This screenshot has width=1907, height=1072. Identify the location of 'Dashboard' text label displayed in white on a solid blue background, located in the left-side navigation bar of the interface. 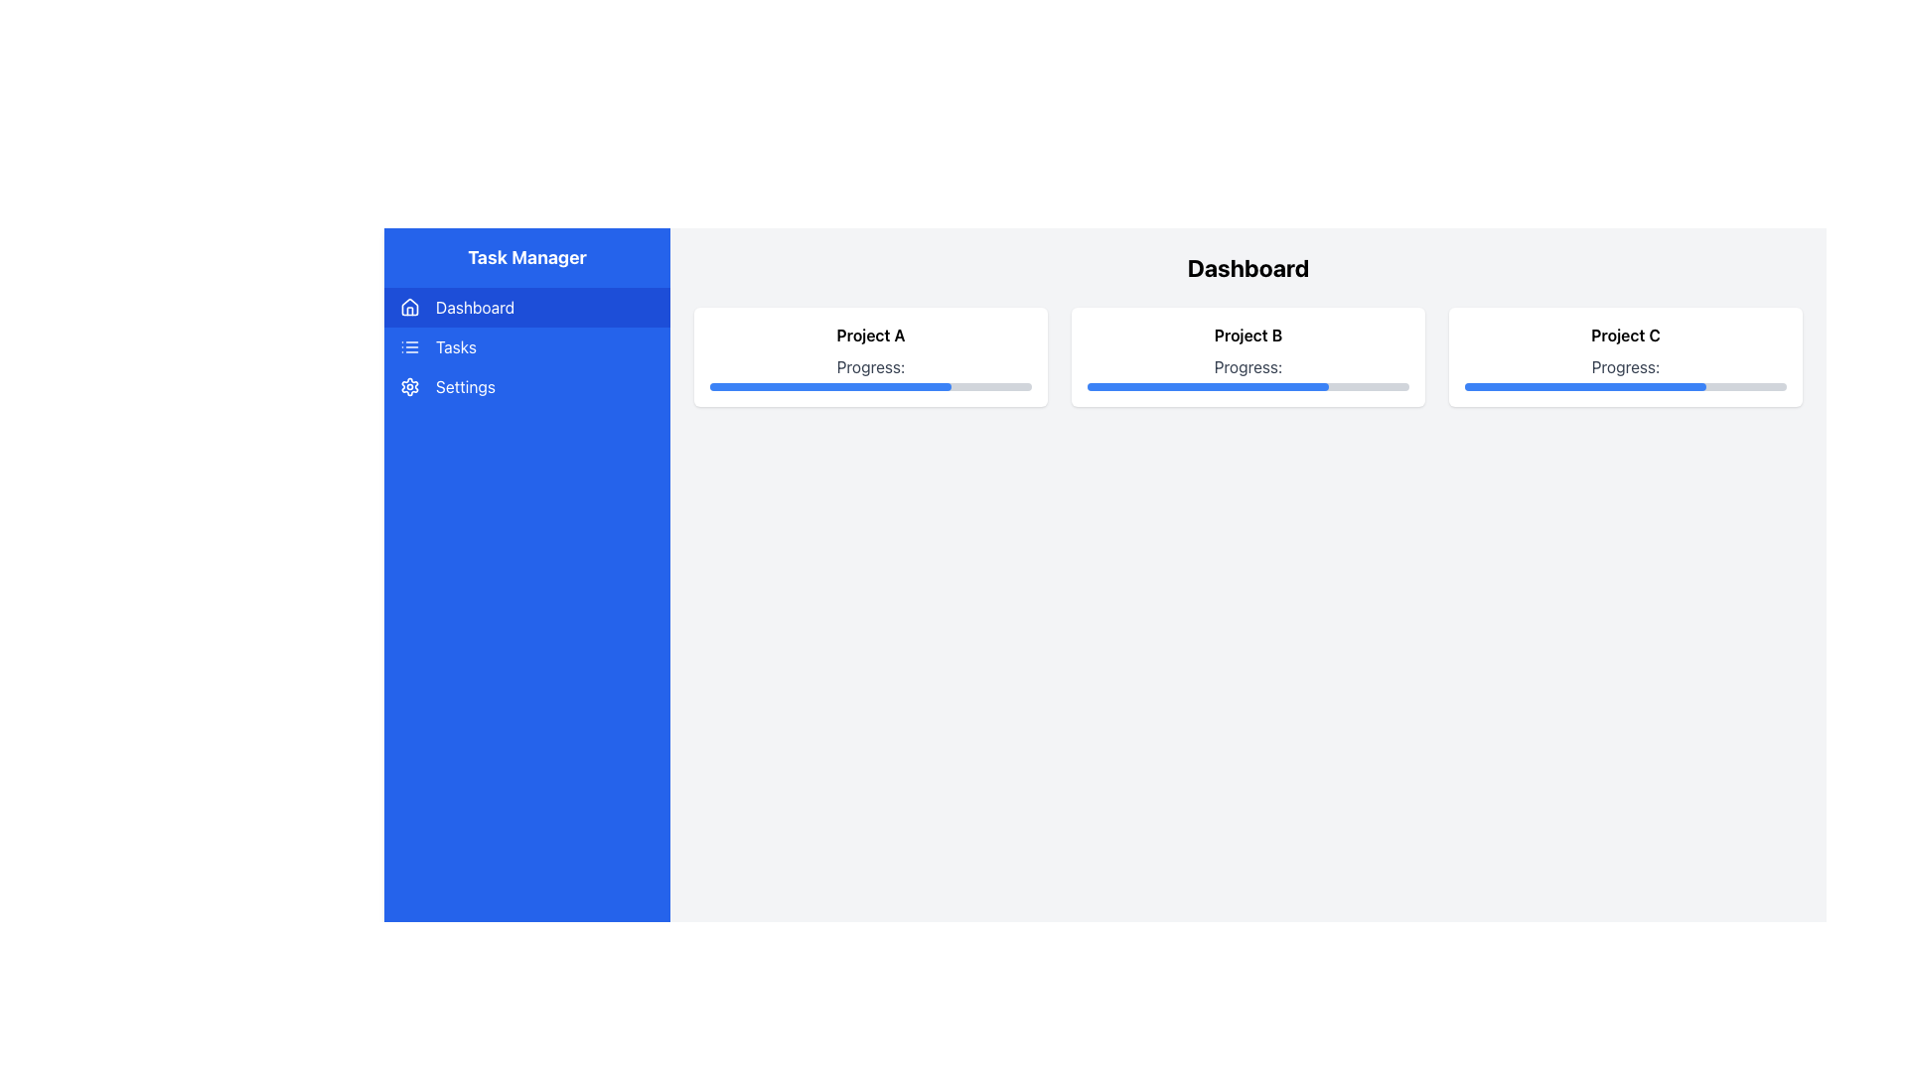
(474, 307).